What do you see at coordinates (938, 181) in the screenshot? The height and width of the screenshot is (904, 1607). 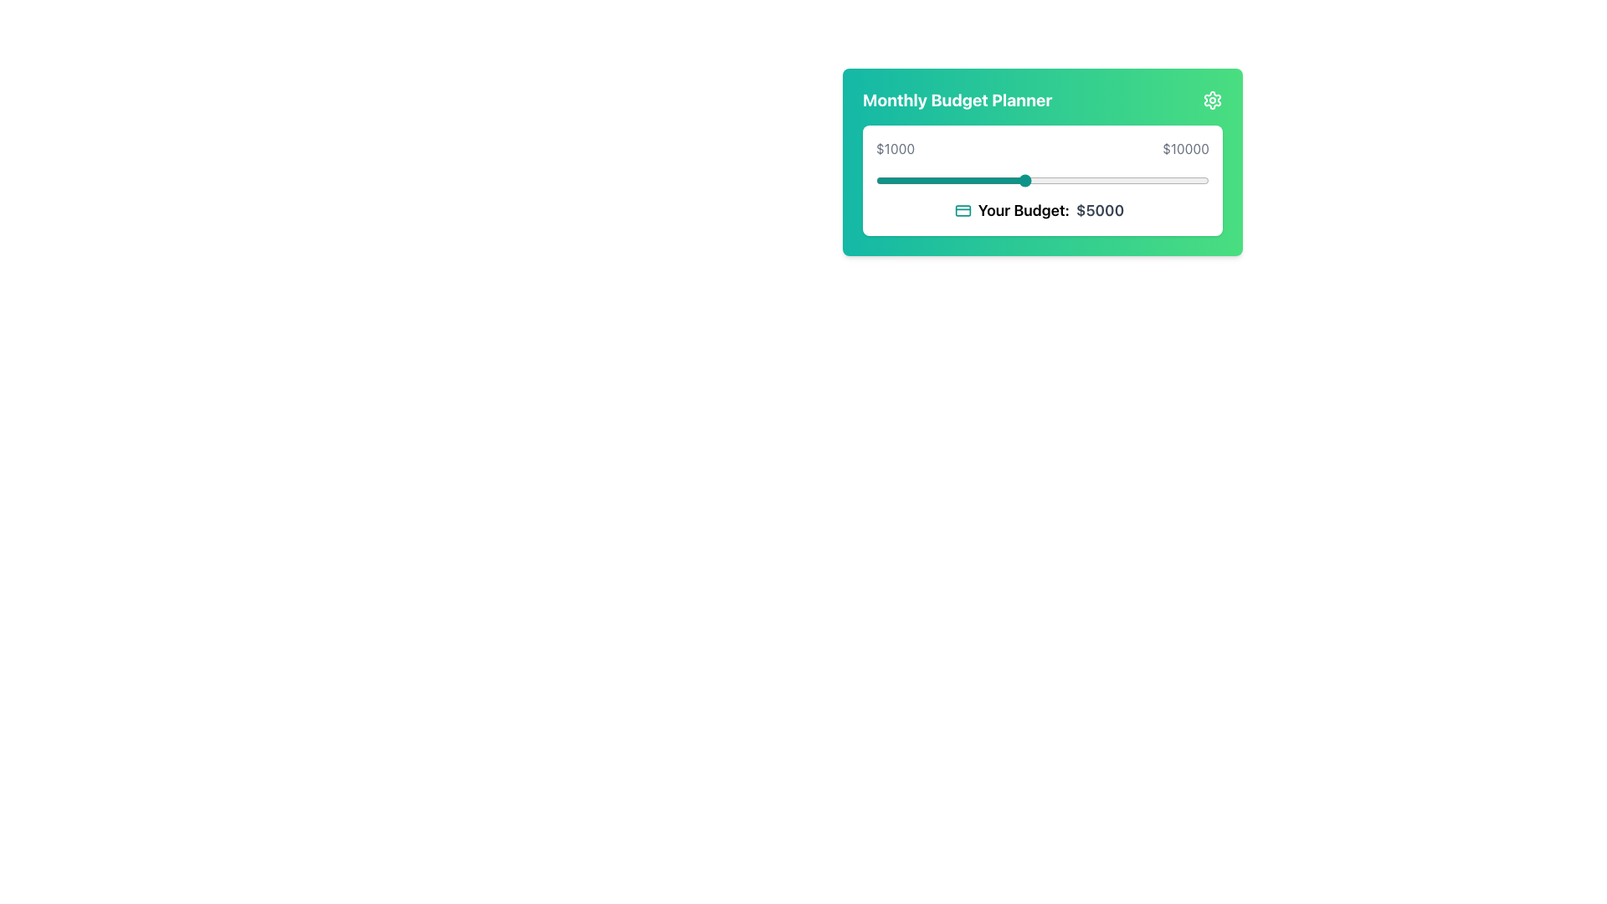 I see `the budget` at bounding box center [938, 181].